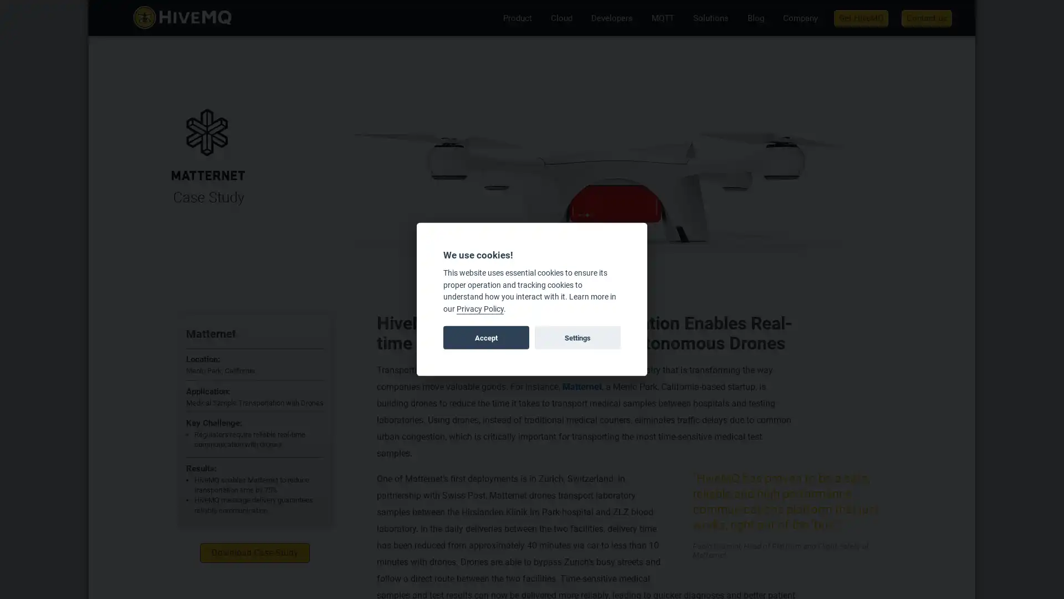 The height and width of the screenshot is (599, 1064). What do you see at coordinates (927, 17) in the screenshot?
I see `Contact us` at bounding box center [927, 17].